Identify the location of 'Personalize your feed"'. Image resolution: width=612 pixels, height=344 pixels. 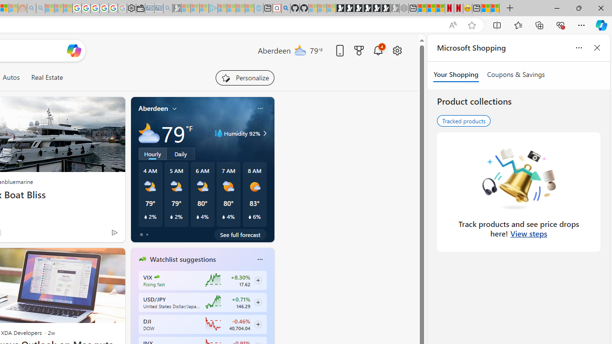
(245, 77).